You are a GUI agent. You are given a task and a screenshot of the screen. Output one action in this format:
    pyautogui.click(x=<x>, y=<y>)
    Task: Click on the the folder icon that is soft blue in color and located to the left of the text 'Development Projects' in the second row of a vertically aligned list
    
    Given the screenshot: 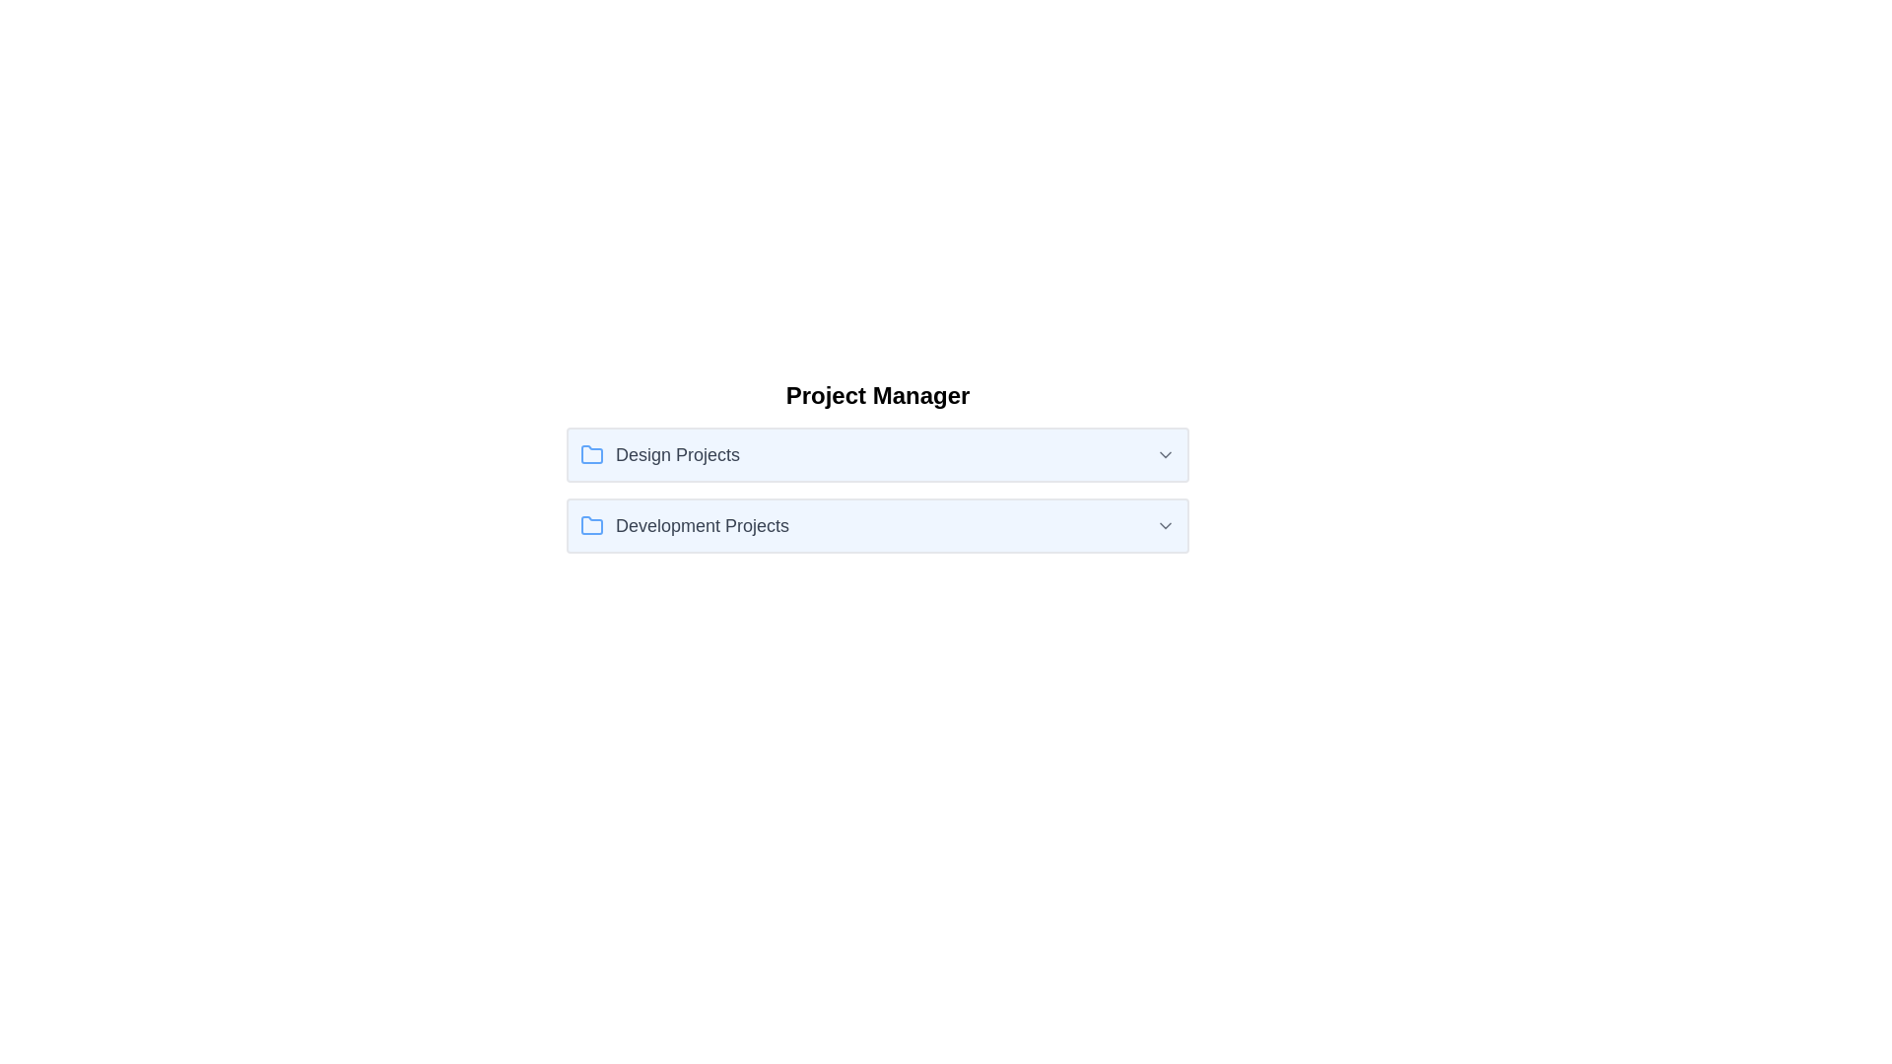 What is the action you would take?
    pyautogui.click(x=590, y=524)
    